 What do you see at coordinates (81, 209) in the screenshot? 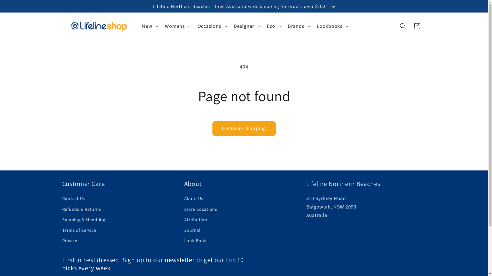
I see `'Refunds & Returns'` at bounding box center [81, 209].